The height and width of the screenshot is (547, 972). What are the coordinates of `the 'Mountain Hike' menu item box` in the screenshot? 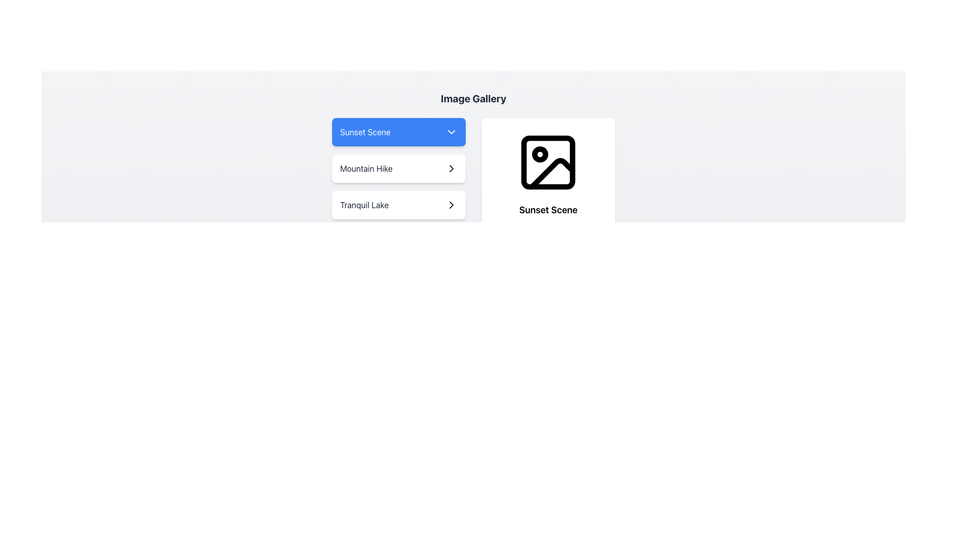 It's located at (398, 181).